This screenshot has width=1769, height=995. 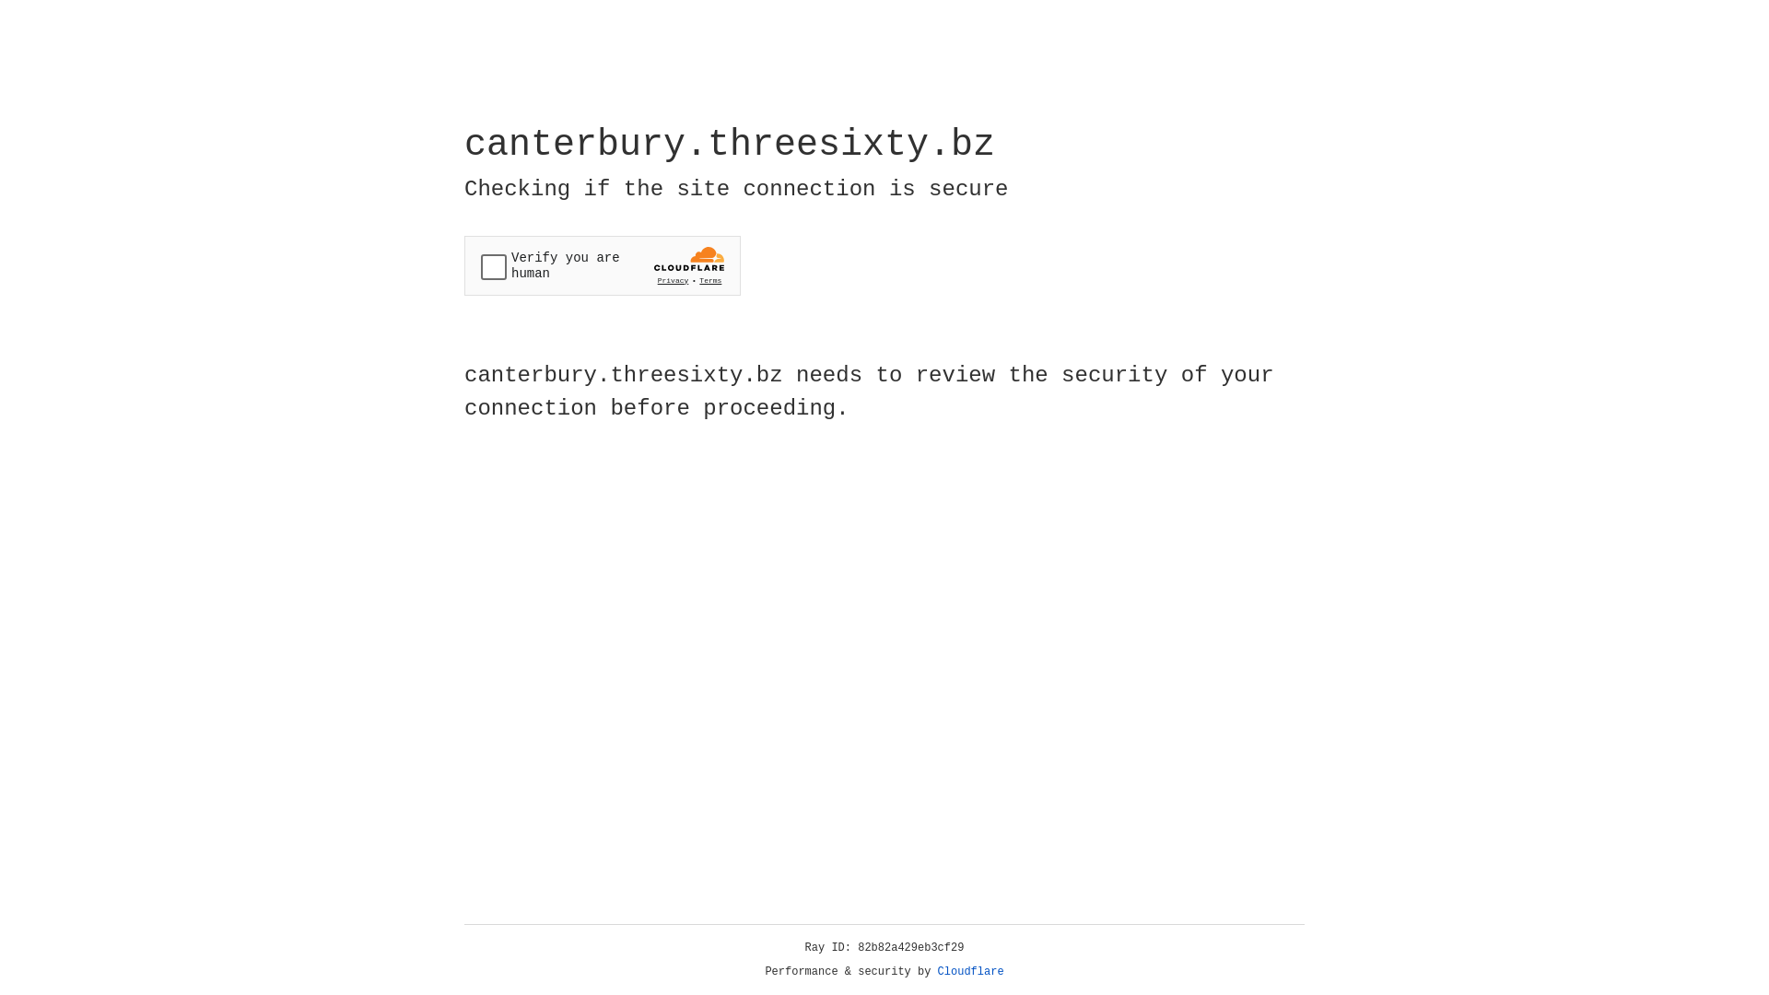 What do you see at coordinates (602, 265) in the screenshot?
I see `'Widget containing a Cloudflare security challenge'` at bounding box center [602, 265].